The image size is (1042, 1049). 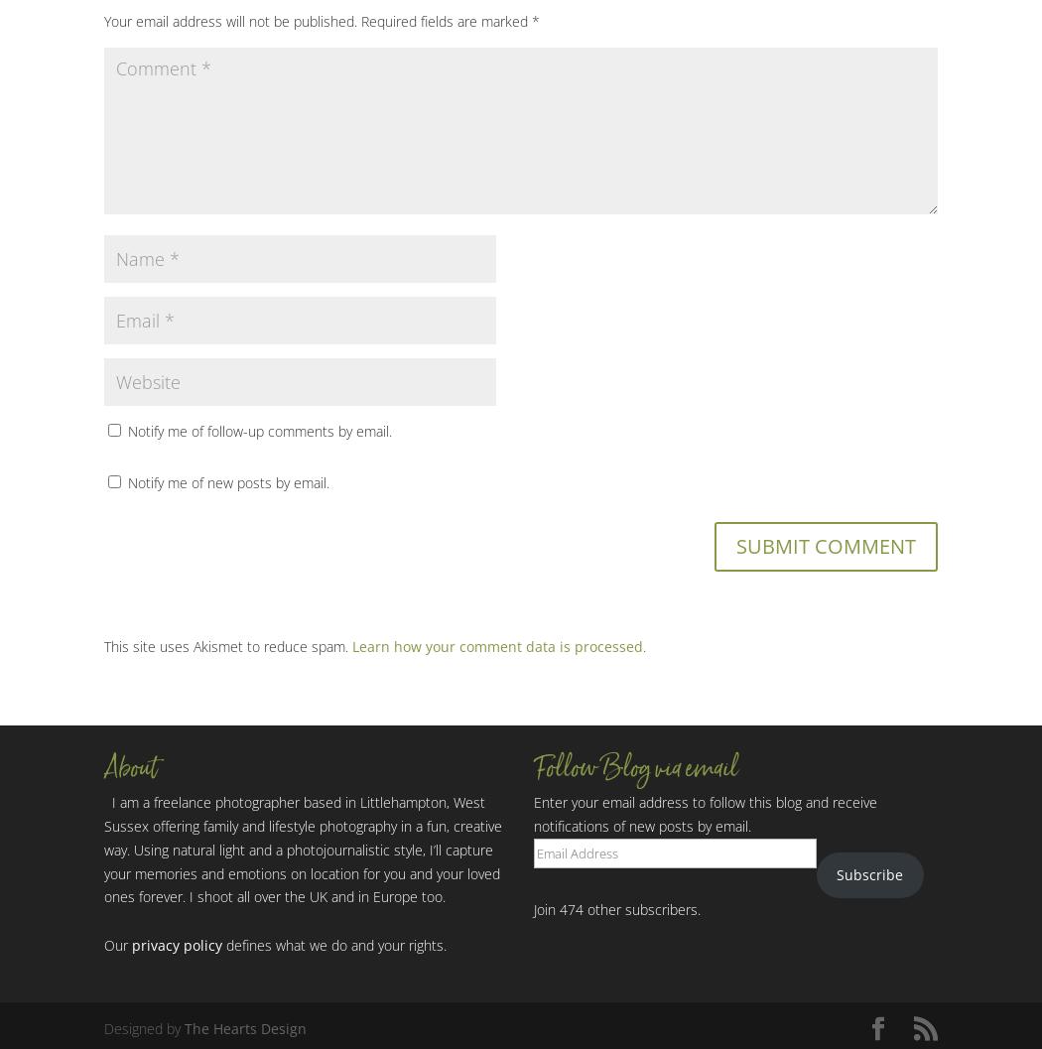 What do you see at coordinates (129, 768) in the screenshot?
I see `'About'` at bounding box center [129, 768].